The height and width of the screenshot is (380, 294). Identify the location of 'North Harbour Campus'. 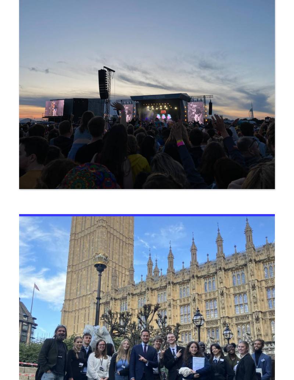
(53, 262).